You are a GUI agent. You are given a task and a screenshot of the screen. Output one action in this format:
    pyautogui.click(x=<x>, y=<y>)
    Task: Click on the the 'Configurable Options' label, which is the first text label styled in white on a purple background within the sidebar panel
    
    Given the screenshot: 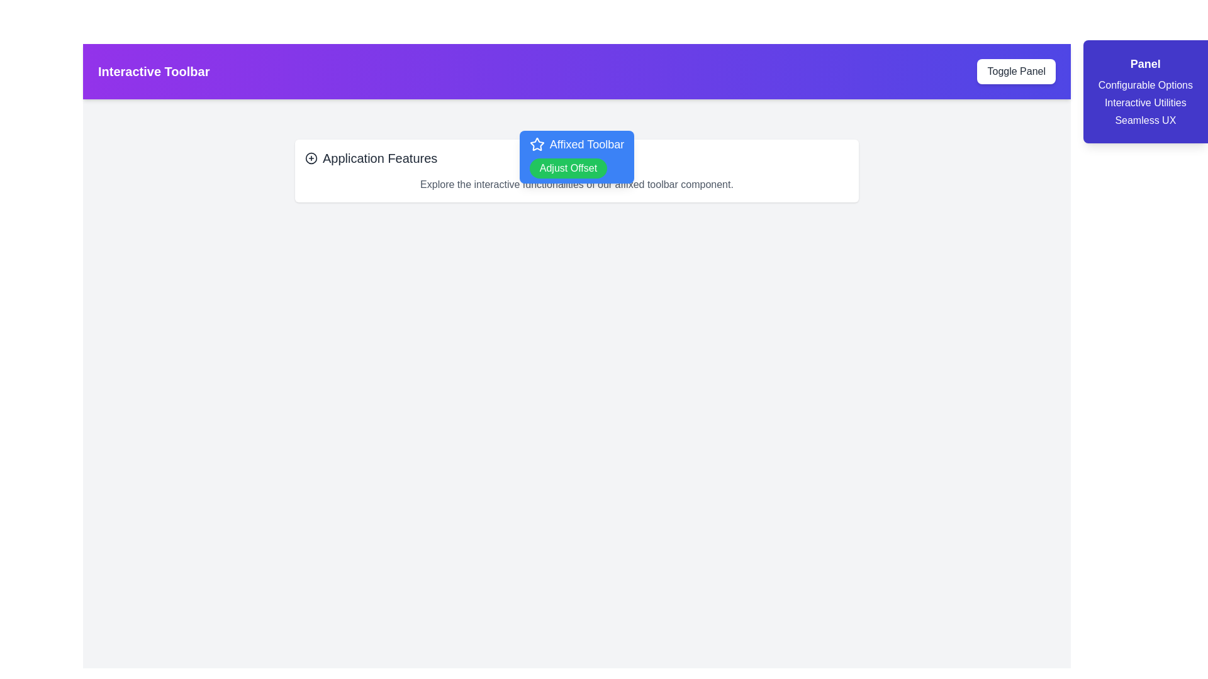 What is the action you would take?
    pyautogui.click(x=1145, y=85)
    